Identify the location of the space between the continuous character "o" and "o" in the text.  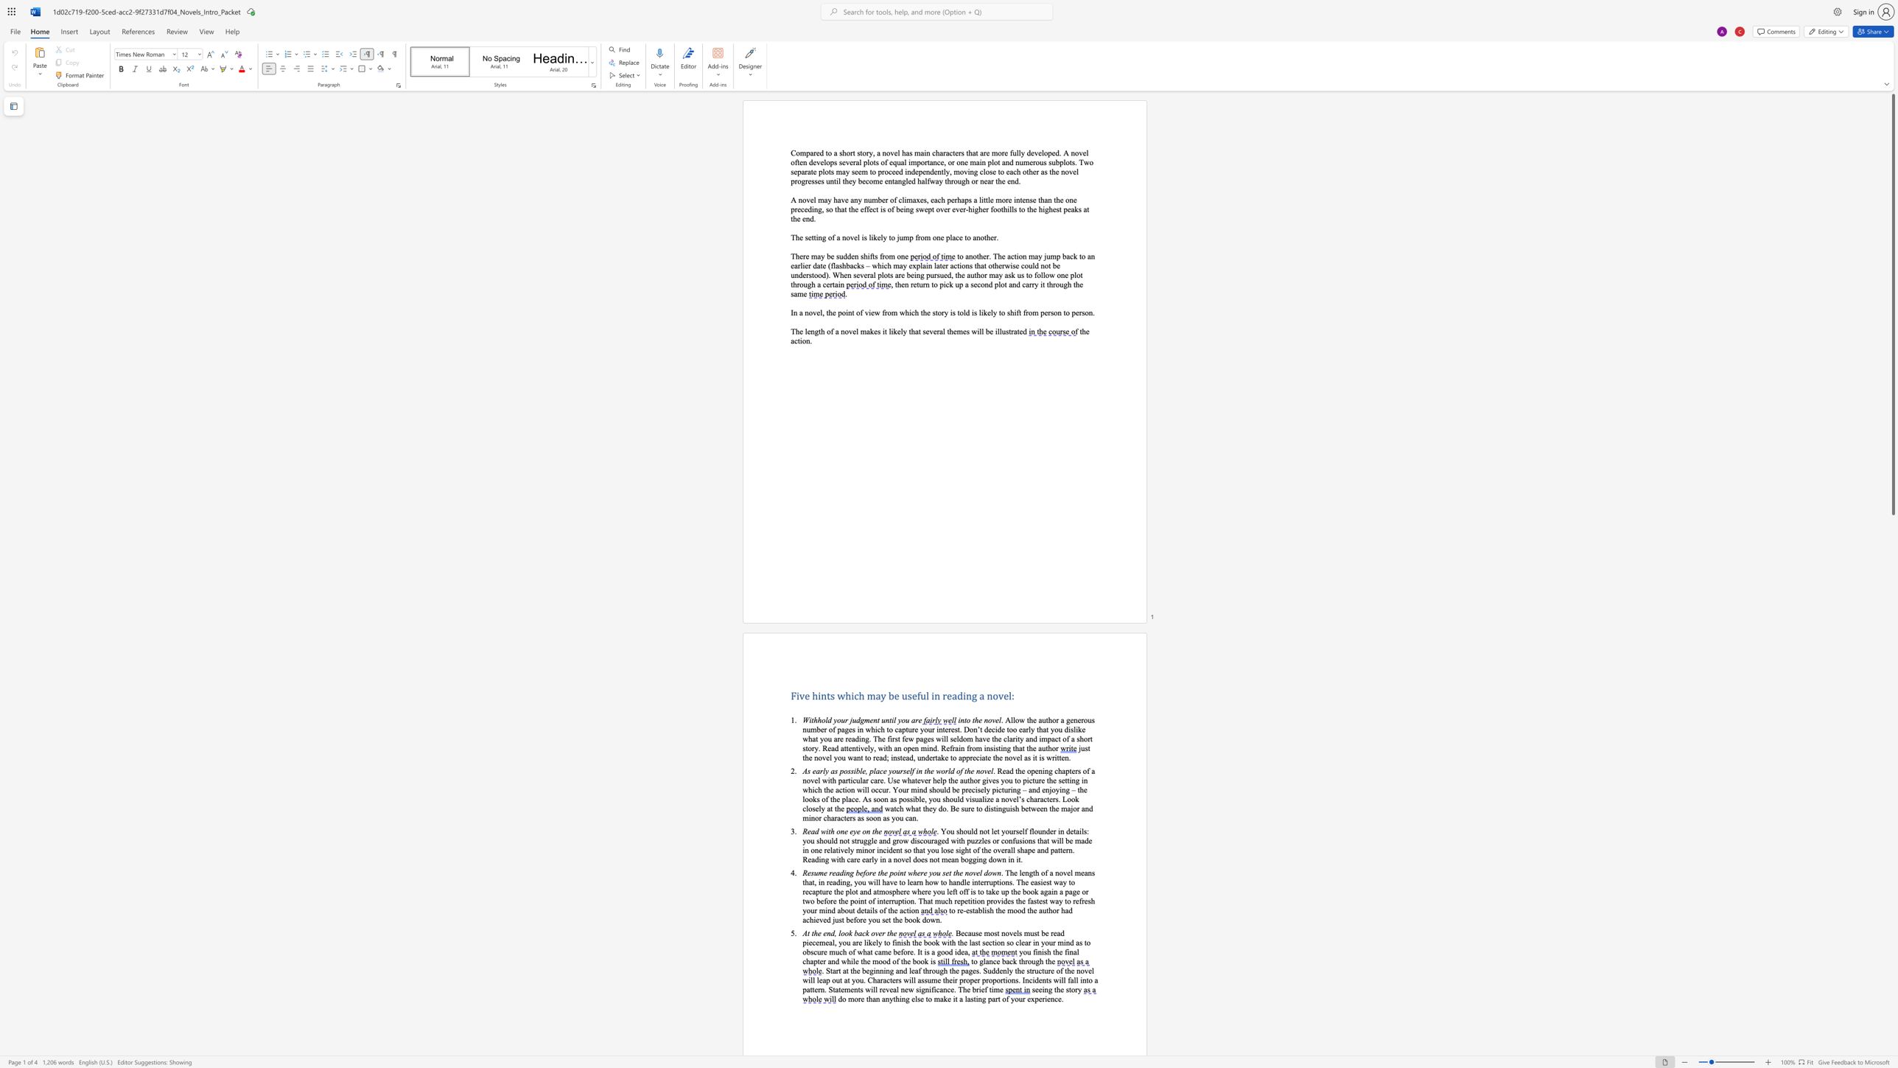
(844, 932).